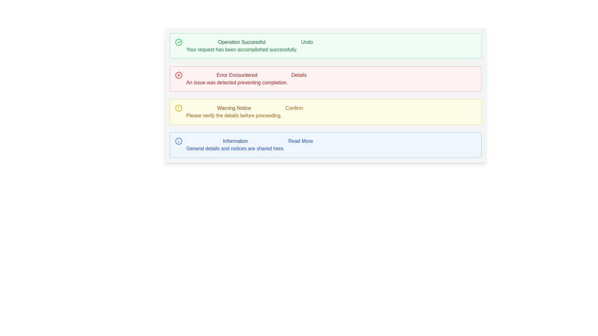  Describe the element at coordinates (307, 42) in the screenshot. I see `the 'Undo' button on the right side of the notification panel to undo an action` at that location.